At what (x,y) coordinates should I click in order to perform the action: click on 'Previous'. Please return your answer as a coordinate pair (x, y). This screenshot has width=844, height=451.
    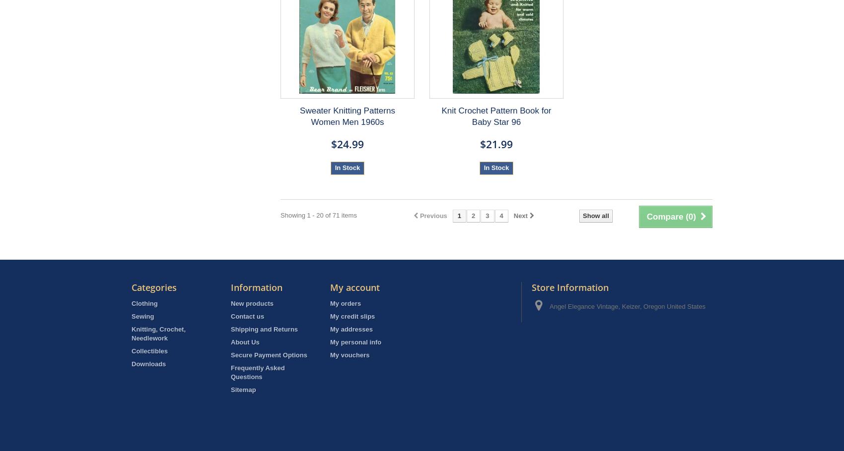
    Looking at the image, I should click on (433, 215).